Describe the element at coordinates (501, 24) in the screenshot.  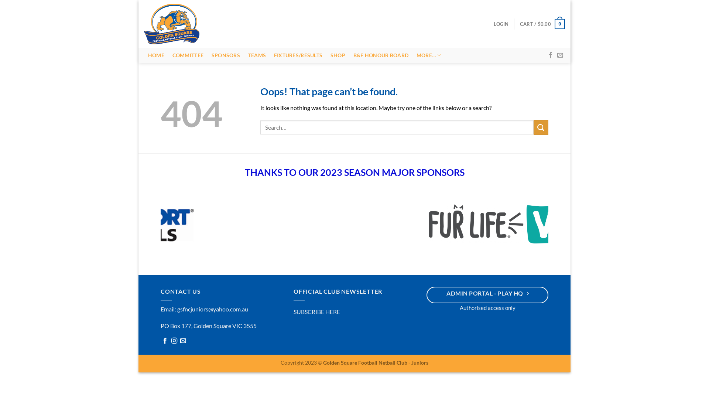
I see `'LOGIN'` at that location.